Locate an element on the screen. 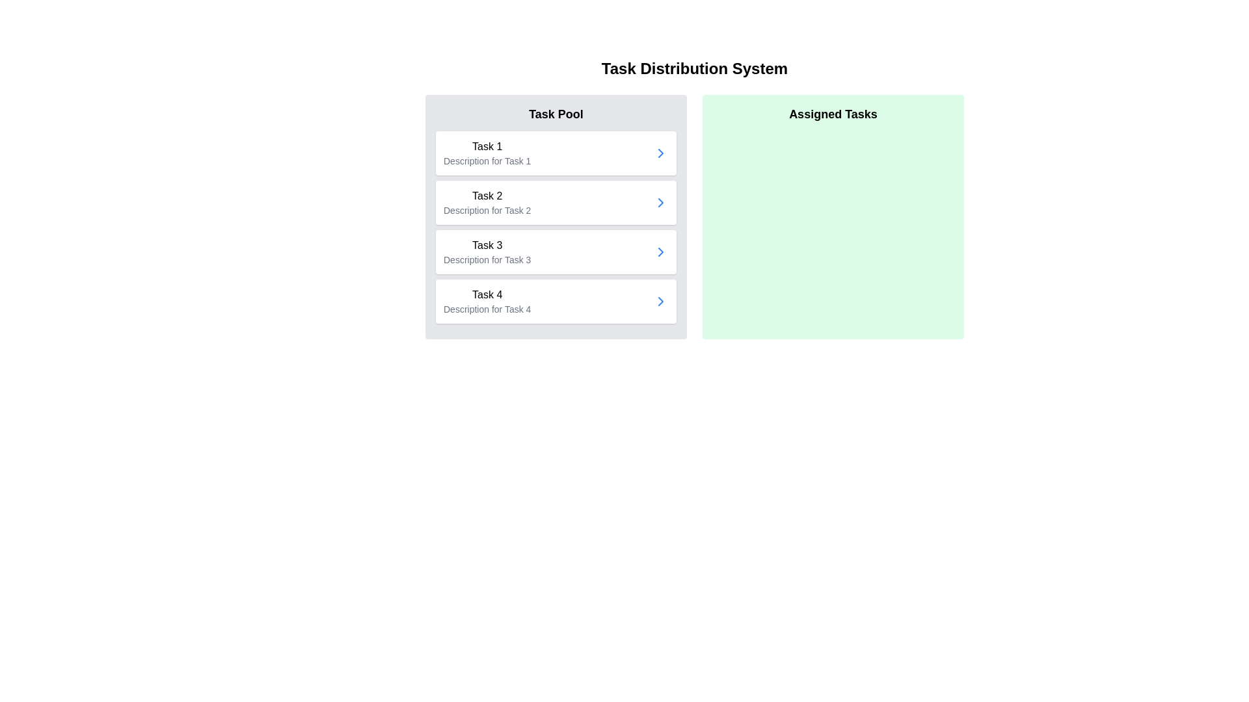 This screenshot has width=1249, height=702. the 'Assigned Tasks' text label located at the top of the green content area on the right side of the interface is located at coordinates (833, 114).